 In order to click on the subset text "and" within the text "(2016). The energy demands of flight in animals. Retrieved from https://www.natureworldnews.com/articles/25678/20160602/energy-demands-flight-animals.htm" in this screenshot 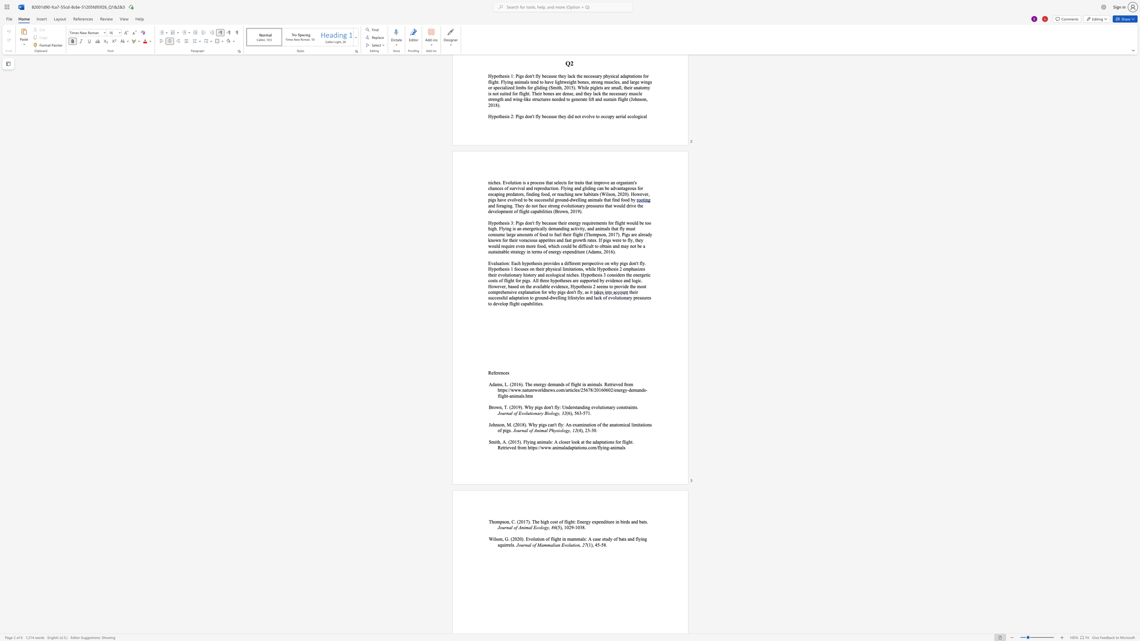, I will do `click(637, 390)`.